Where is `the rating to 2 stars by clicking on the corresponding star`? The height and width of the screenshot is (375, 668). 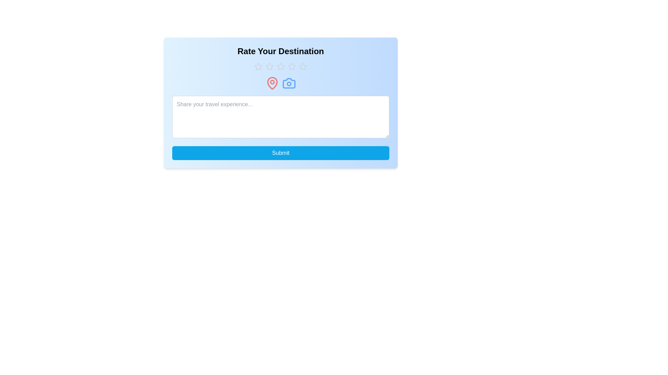 the rating to 2 stars by clicking on the corresponding star is located at coordinates (269, 67).